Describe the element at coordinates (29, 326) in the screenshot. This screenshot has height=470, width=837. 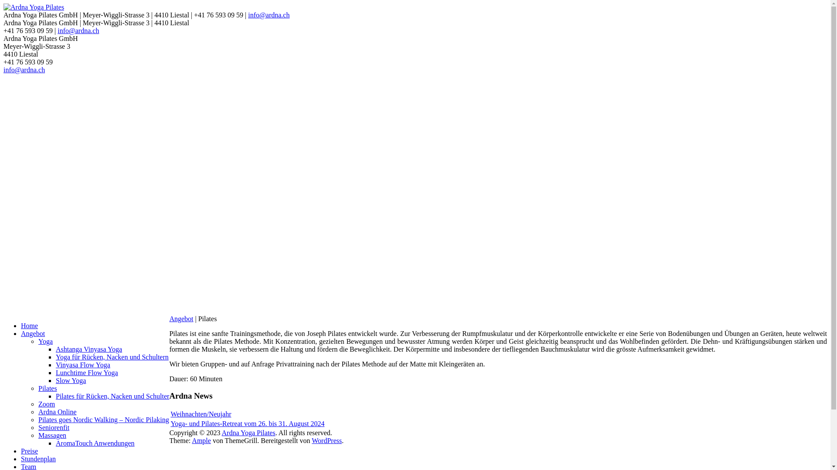
I see `'Home'` at that location.